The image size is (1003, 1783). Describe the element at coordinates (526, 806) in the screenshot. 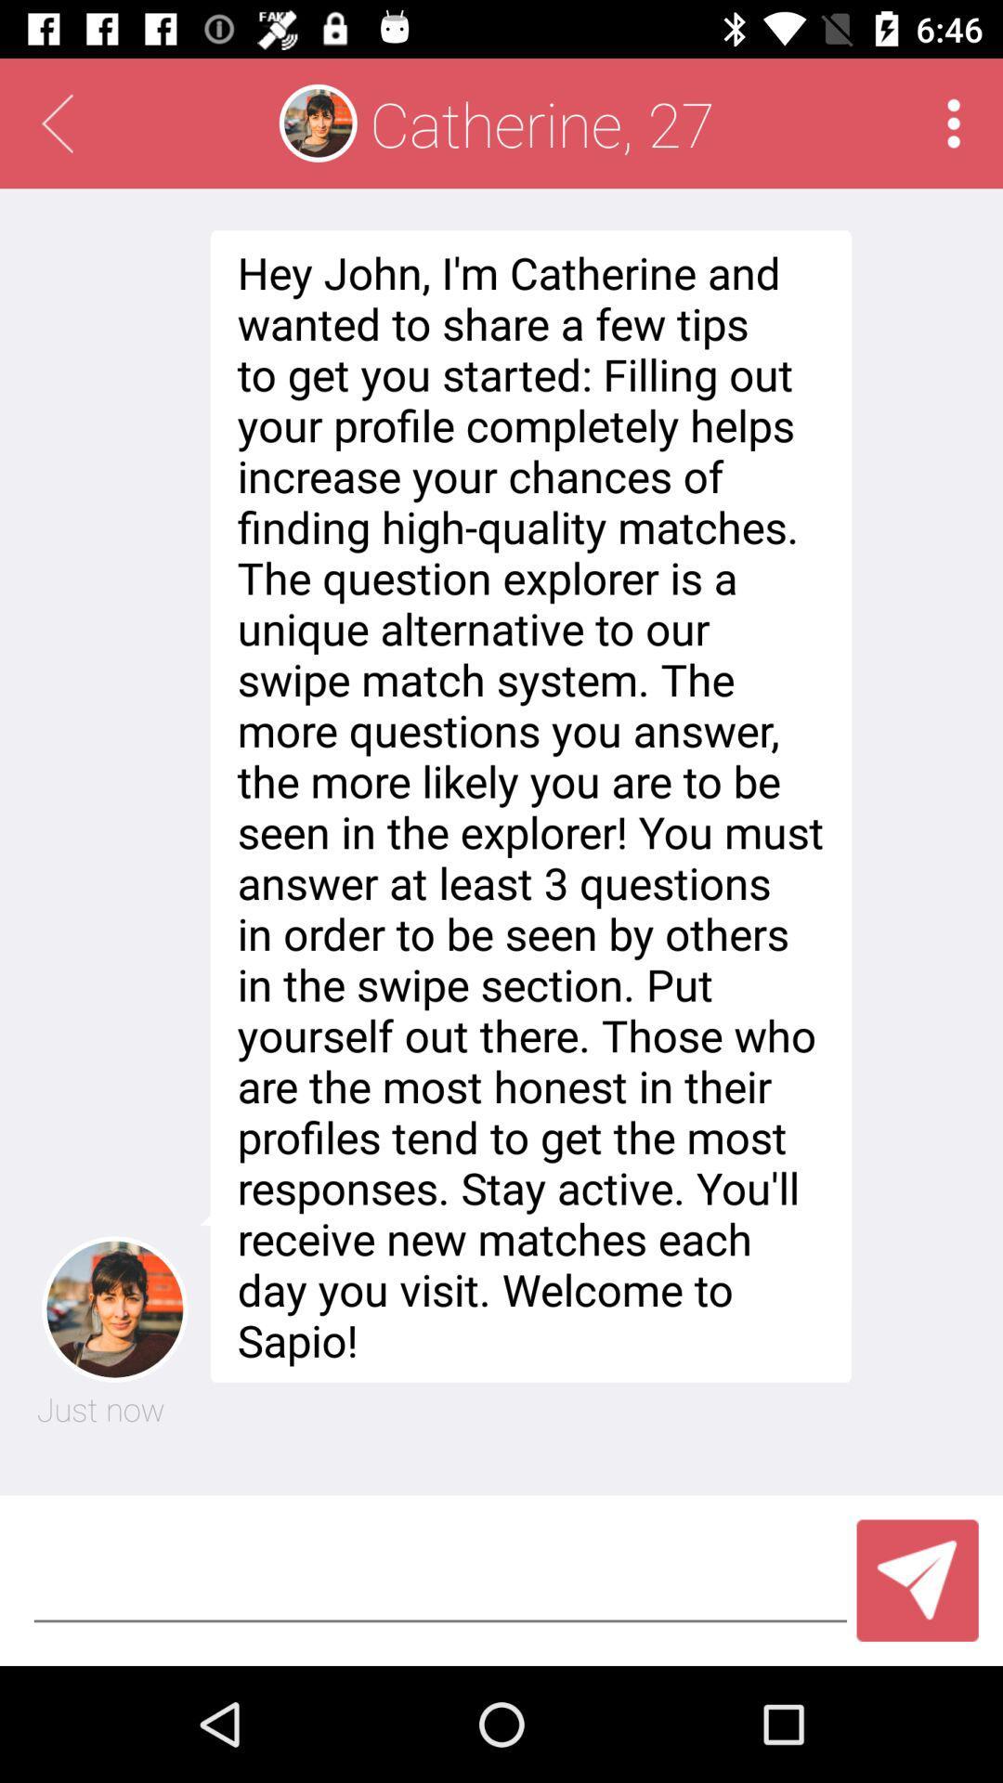

I see `hey john i at the center` at that location.